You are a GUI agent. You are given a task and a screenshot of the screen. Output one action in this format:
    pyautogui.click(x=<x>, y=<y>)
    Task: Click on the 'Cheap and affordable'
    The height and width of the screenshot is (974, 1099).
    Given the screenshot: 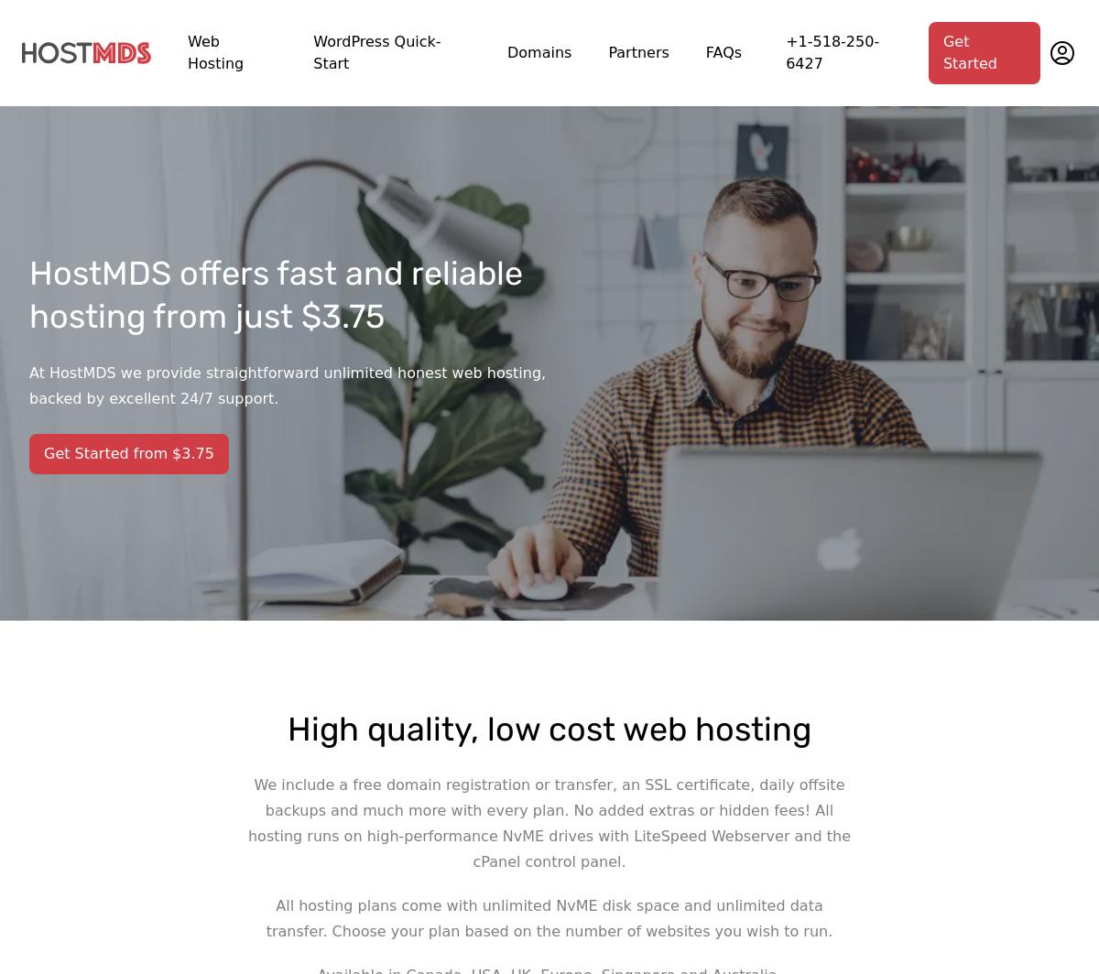 What is the action you would take?
    pyautogui.click(x=469, y=239)
    